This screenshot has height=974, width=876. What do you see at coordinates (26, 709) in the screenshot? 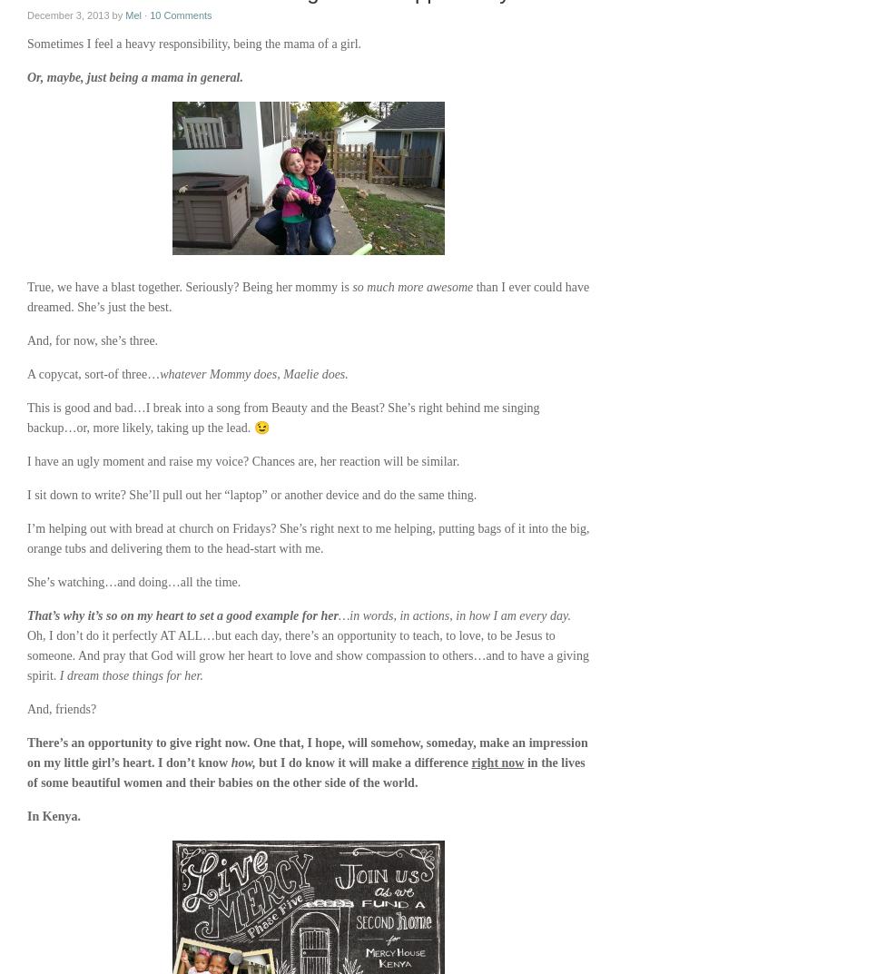
I see `'And, friends?'` at bounding box center [26, 709].